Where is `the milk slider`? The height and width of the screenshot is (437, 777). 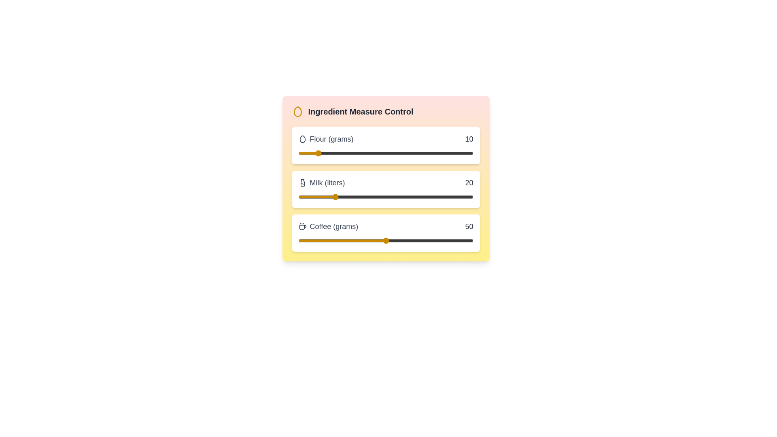 the milk slider is located at coordinates (357, 197).